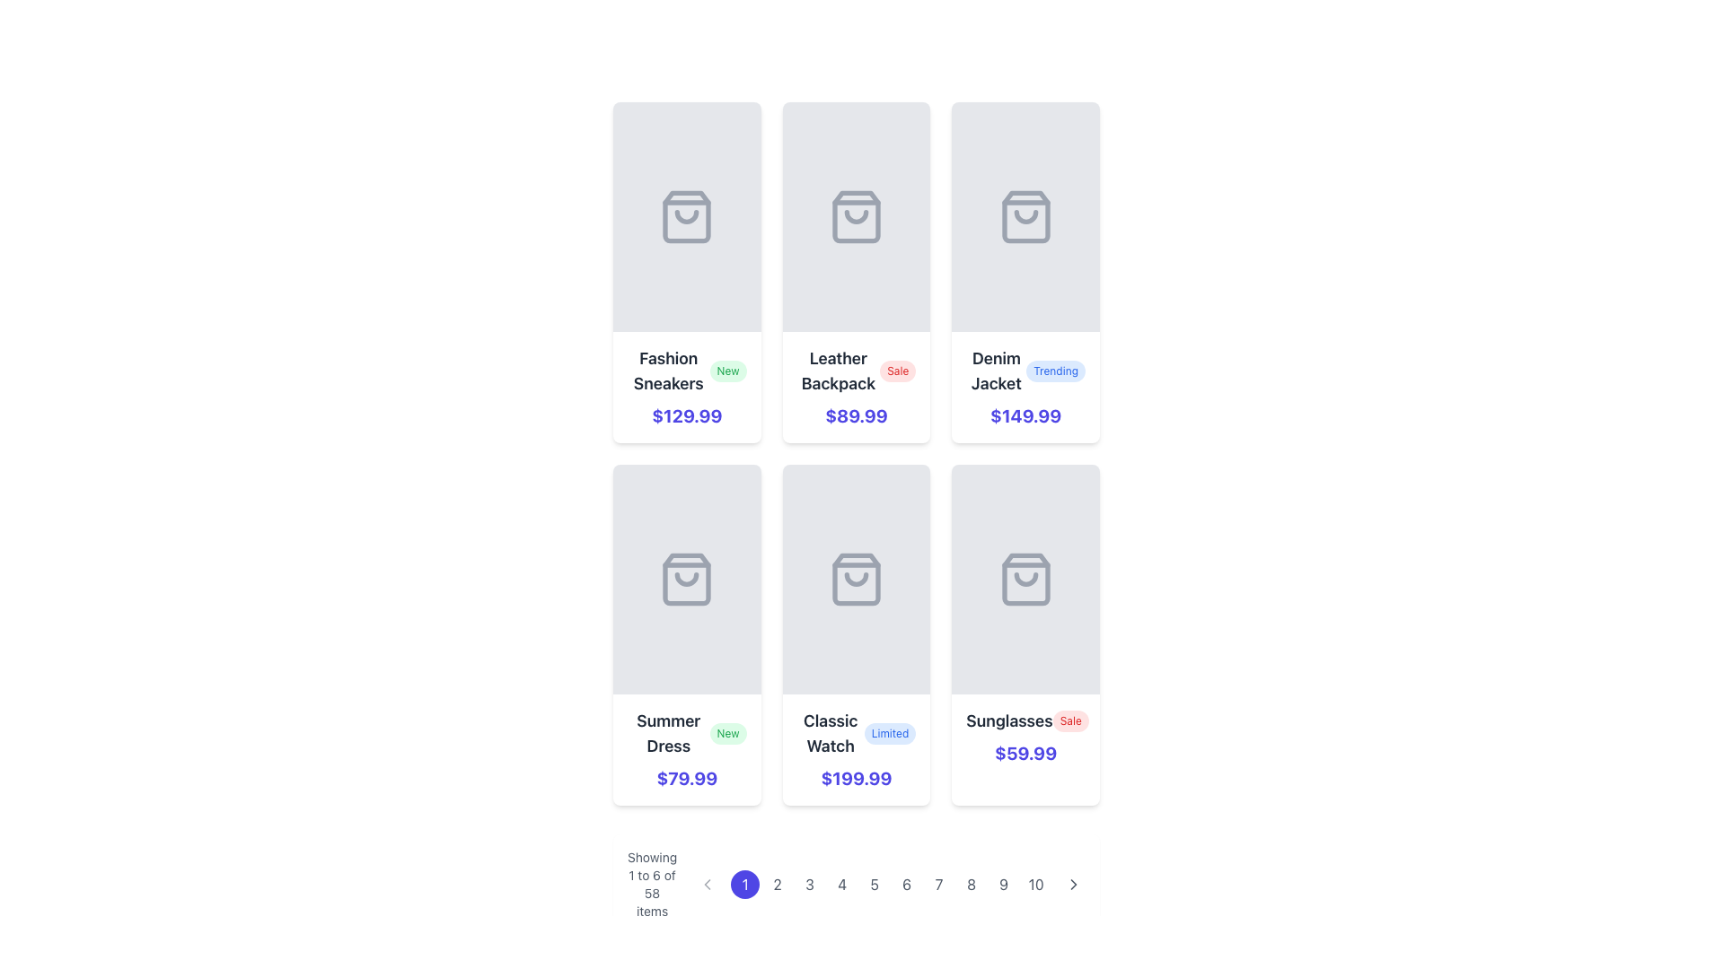  I want to click on decorative image placeholder for the 'Denim Jacket' product, which is positioned in the upper section of a card element displaying the price of $149.99, so click(1025, 216).